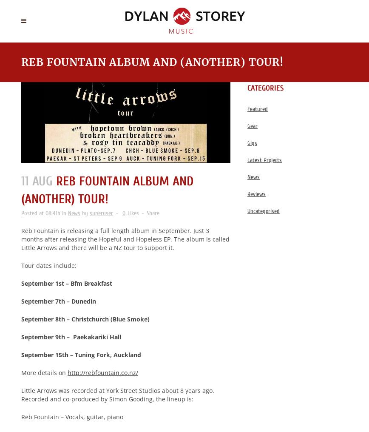  Describe the element at coordinates (263, 211) in the screenshot. I see `'Uncategorised'` at that location.